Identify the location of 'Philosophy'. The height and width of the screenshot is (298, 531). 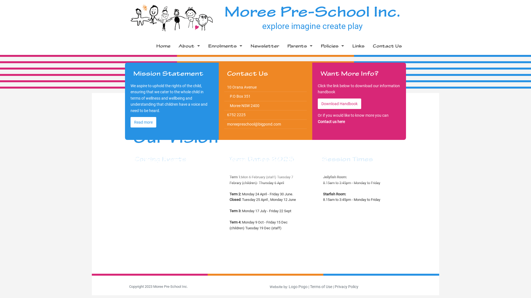
(189, 58).